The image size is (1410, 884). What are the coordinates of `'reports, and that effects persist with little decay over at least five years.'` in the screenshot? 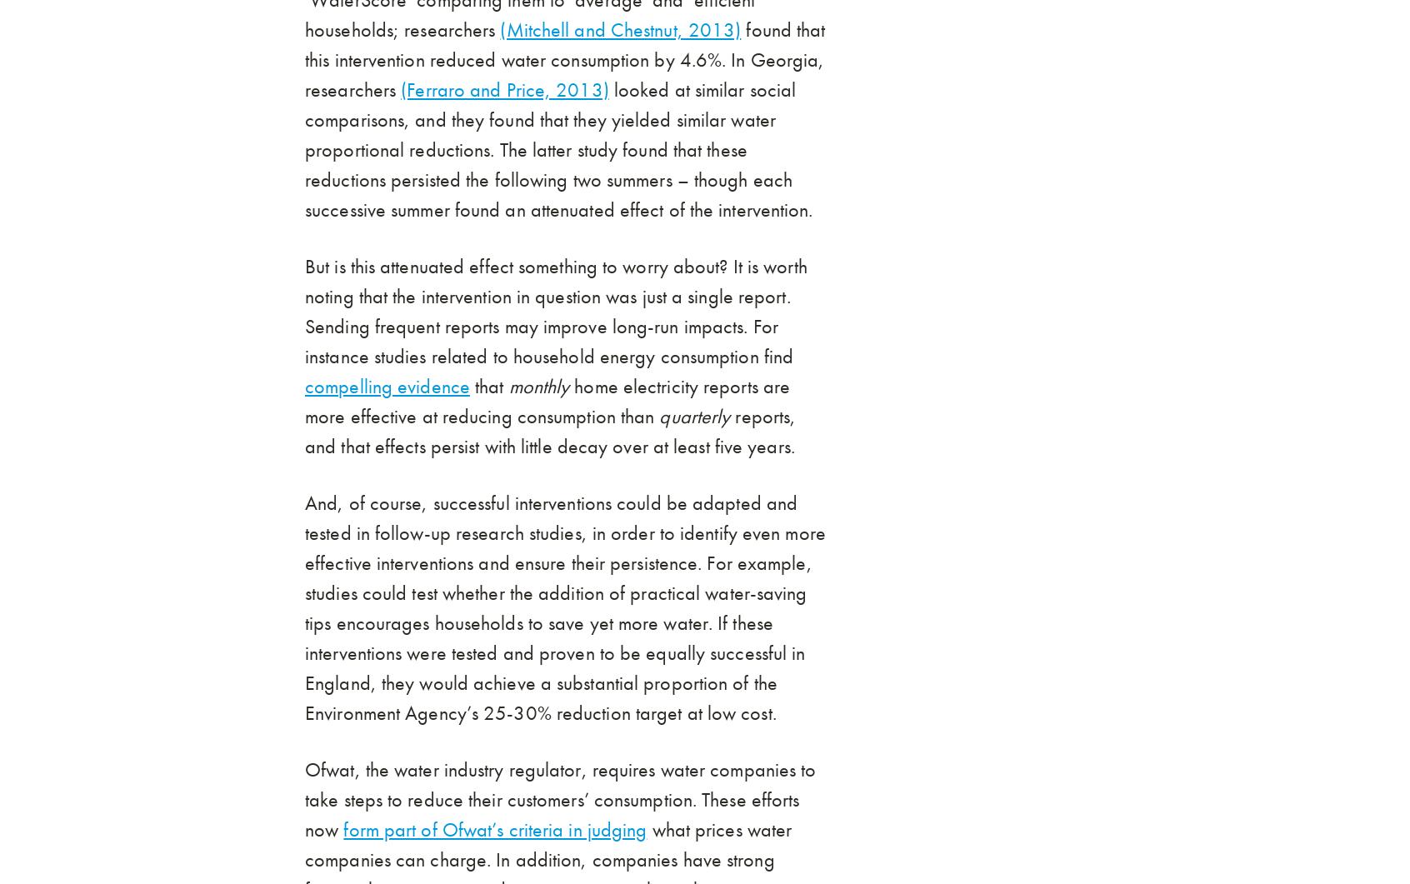 It's located at (550, 431).